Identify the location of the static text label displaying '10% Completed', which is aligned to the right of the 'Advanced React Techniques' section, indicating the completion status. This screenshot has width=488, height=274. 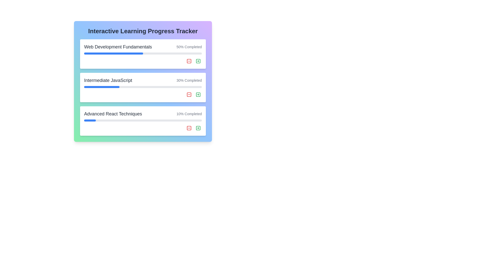
(189, 113).